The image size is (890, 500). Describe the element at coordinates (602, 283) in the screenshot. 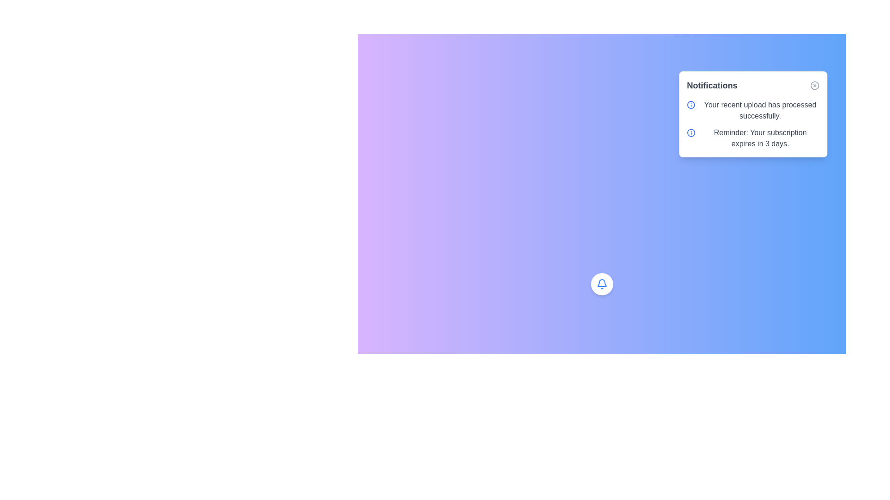

I see `the circular button with a white background and blue borders, featuring a bell icon in the center` at that location.